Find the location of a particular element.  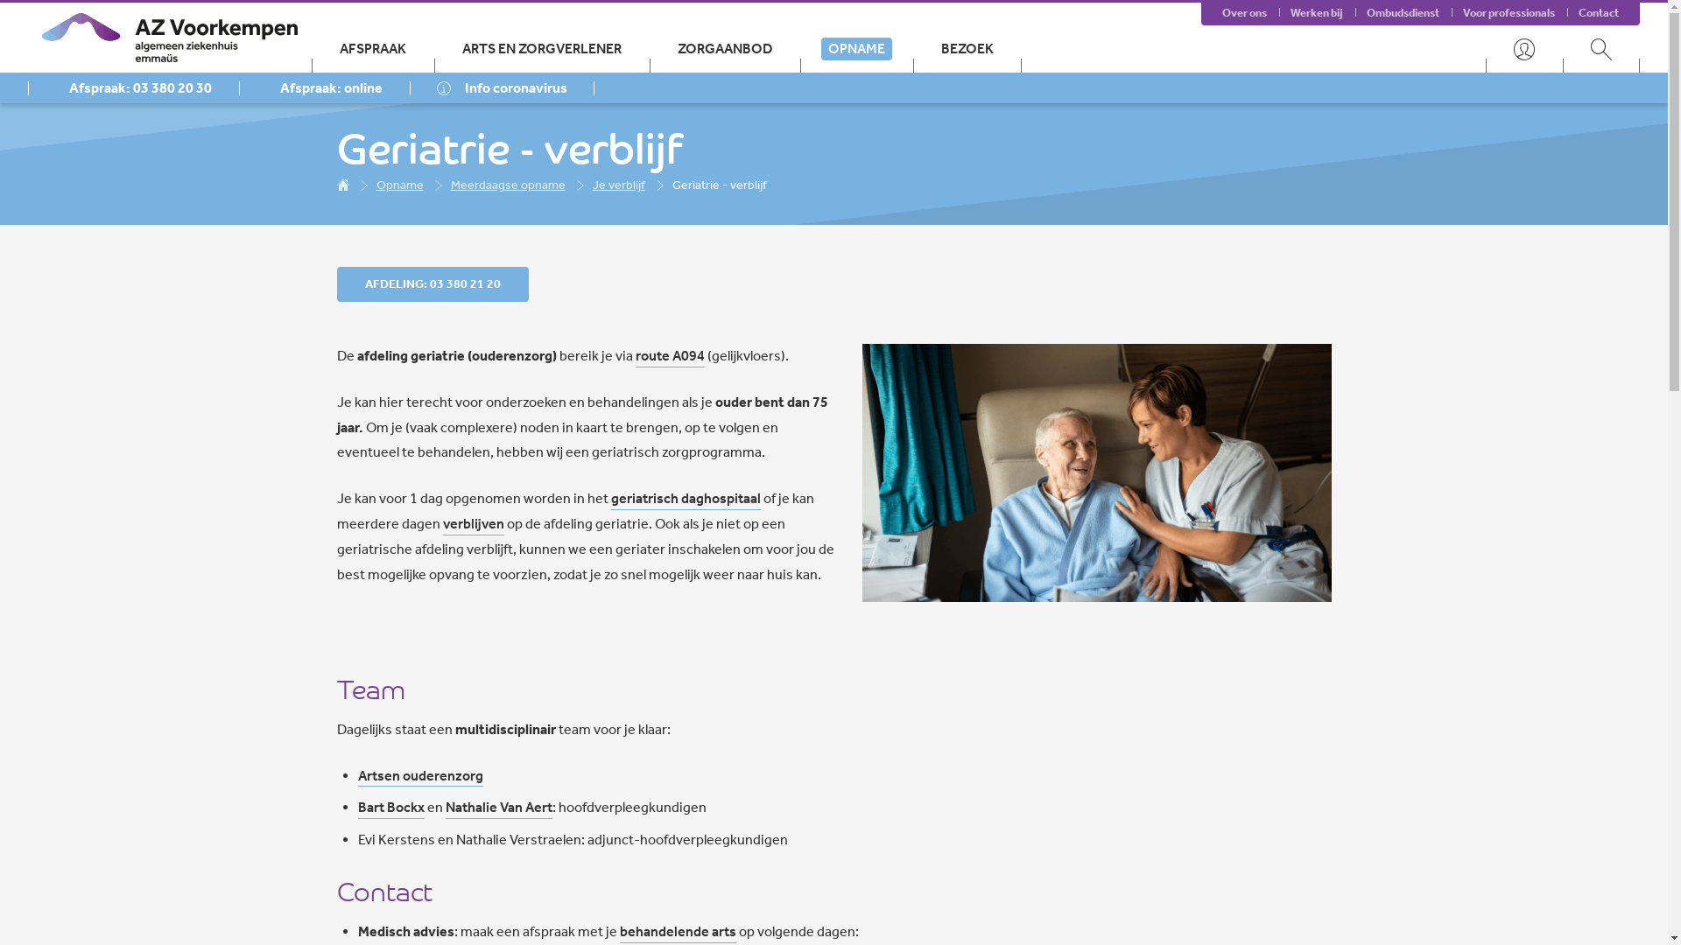

'Contact' is located at coordinates (1598, 12).